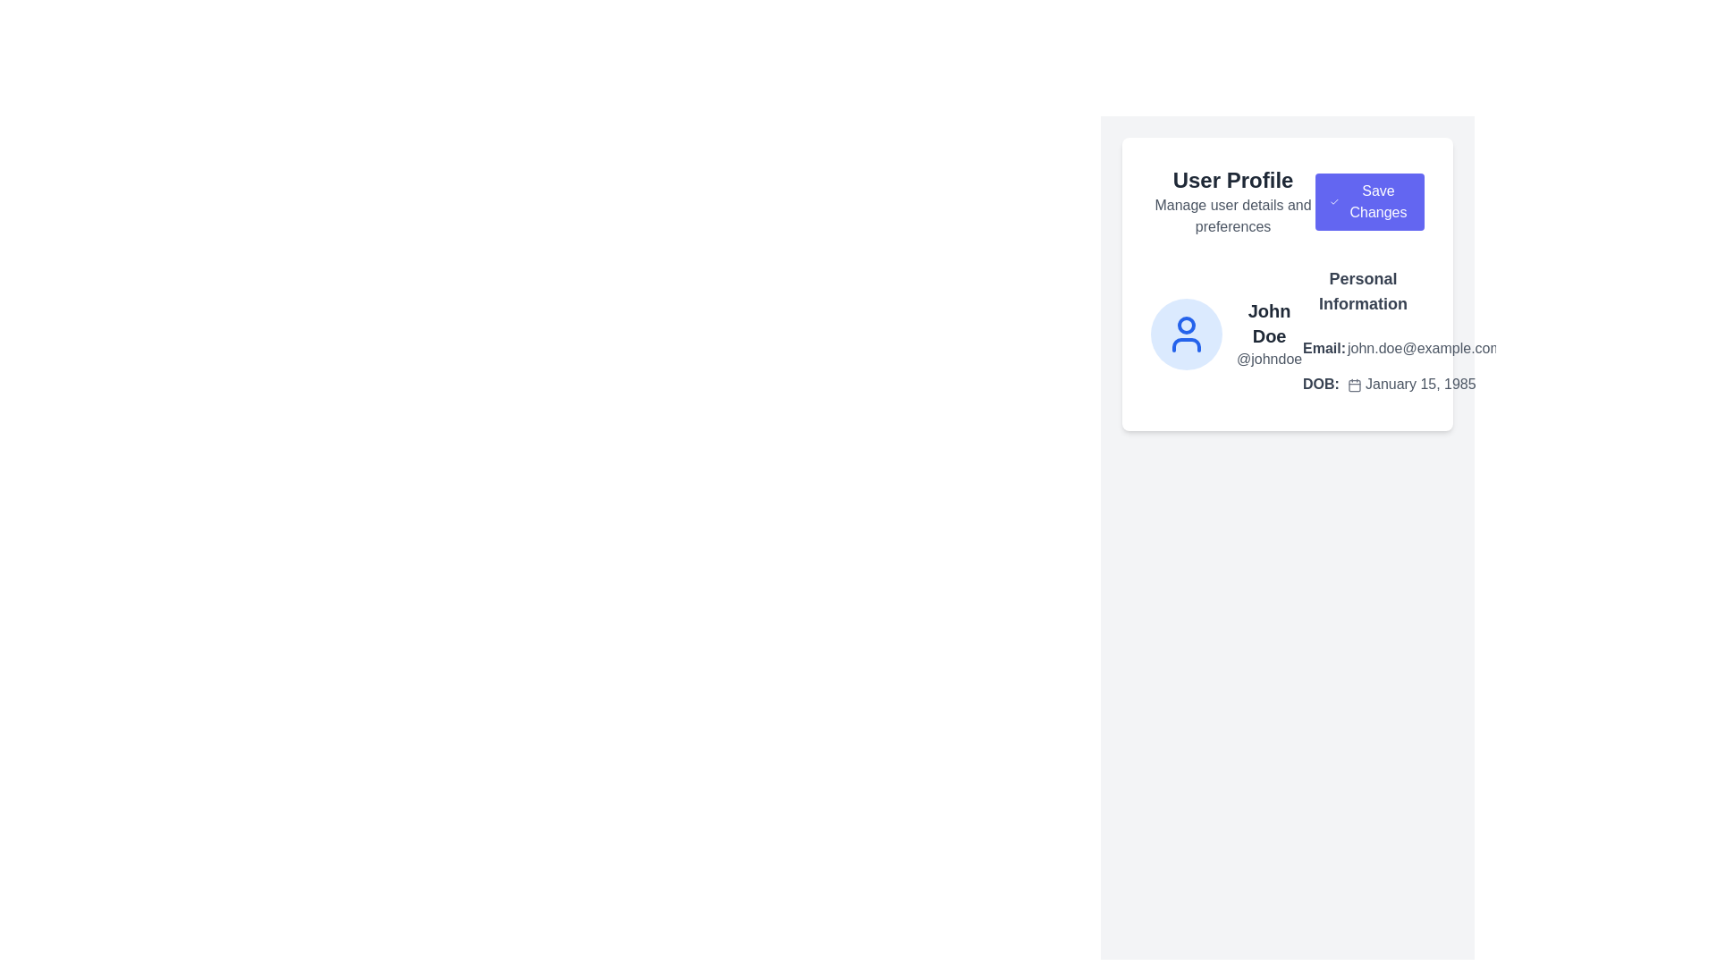 The height and width of the screenshot is (966, 1717). What do you see at coordinates (1401, 348) in the screenshot?
I see `the email label displaying the user's email address, which is located in the 'Personal Information' section, directly below the user's name and above the 'DOB' field` at bounding box center [1401, 348].